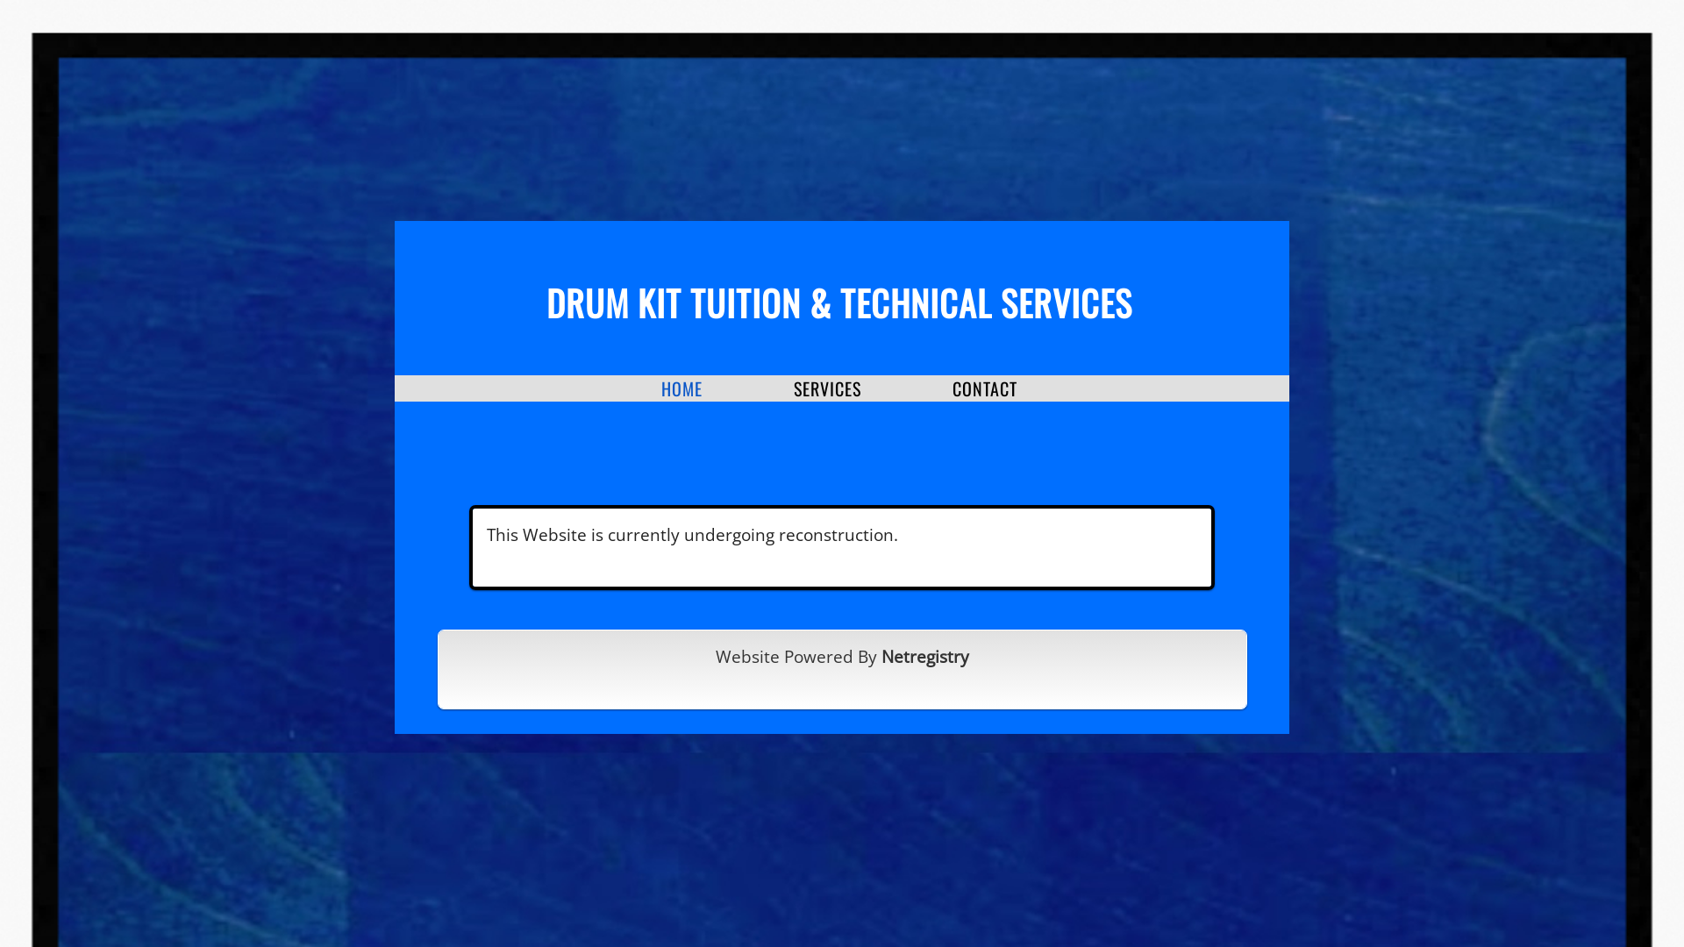  Describe the element at coordinates (793, 388) in the screenshot. I see `'SERVICES'` at that location.